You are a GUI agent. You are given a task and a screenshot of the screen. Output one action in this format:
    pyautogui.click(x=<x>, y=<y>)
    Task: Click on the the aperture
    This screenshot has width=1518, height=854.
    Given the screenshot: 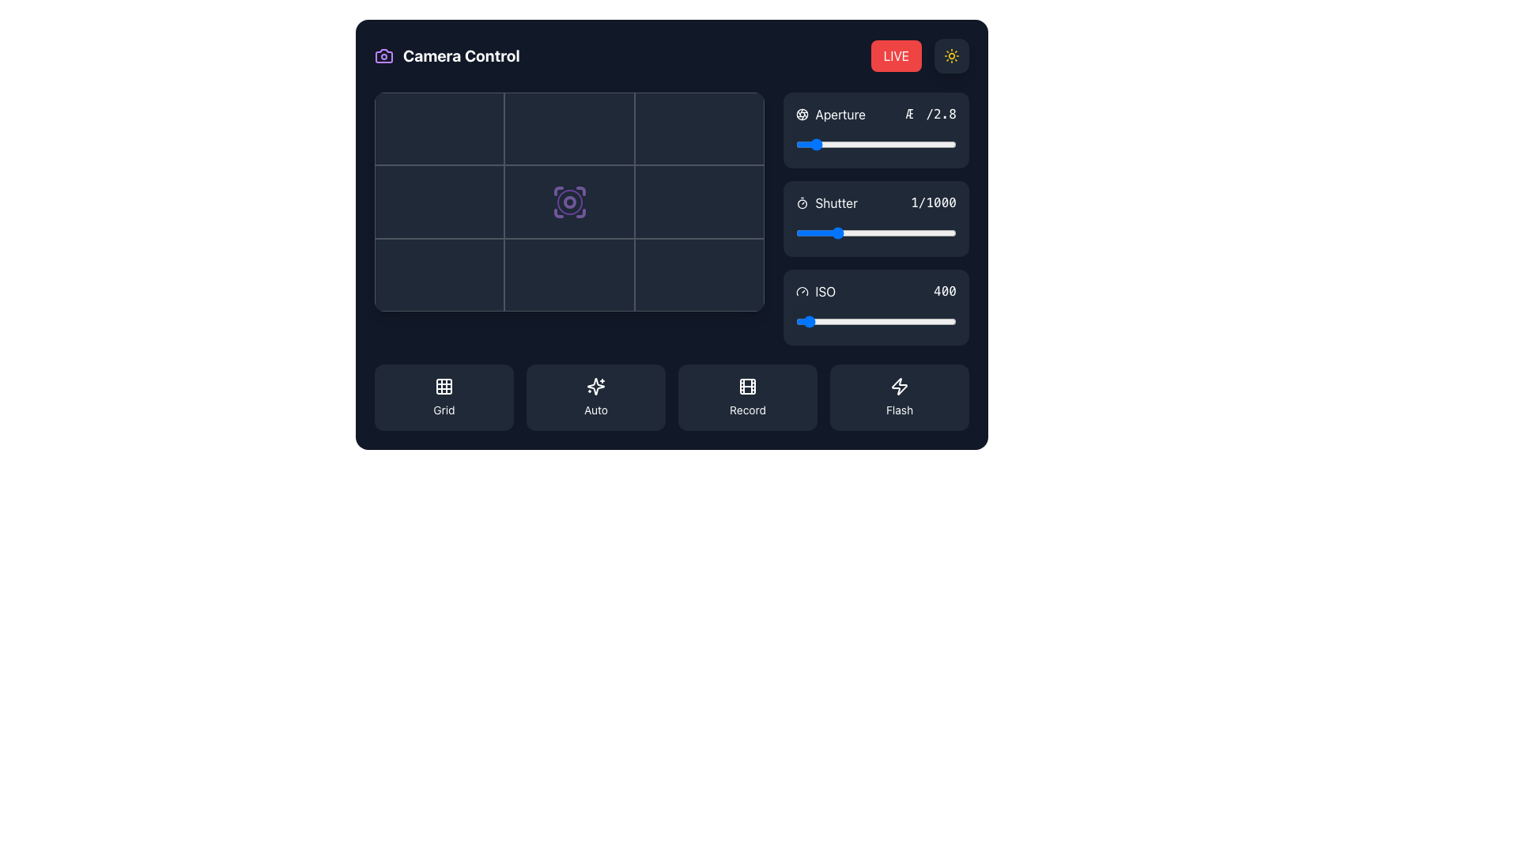 What is the action you would take?
    pyautogui.click(x=802, y=144)
    